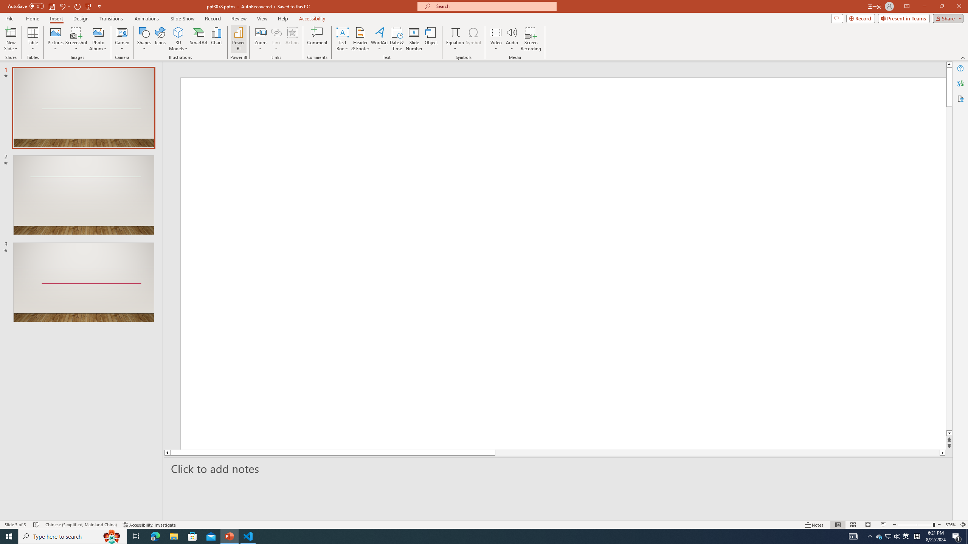  Describe the element at coordinates (178, 32) in the screenshot. I see `'3D Models'` at that location.